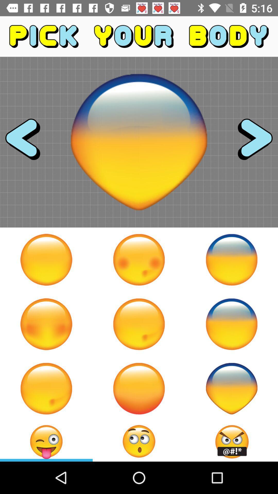 The height and width of the screenshot is (494, 278). What do you see at coordinates (250, 142) in the screenshot?
I see `next` at bounding box center [250, 142].